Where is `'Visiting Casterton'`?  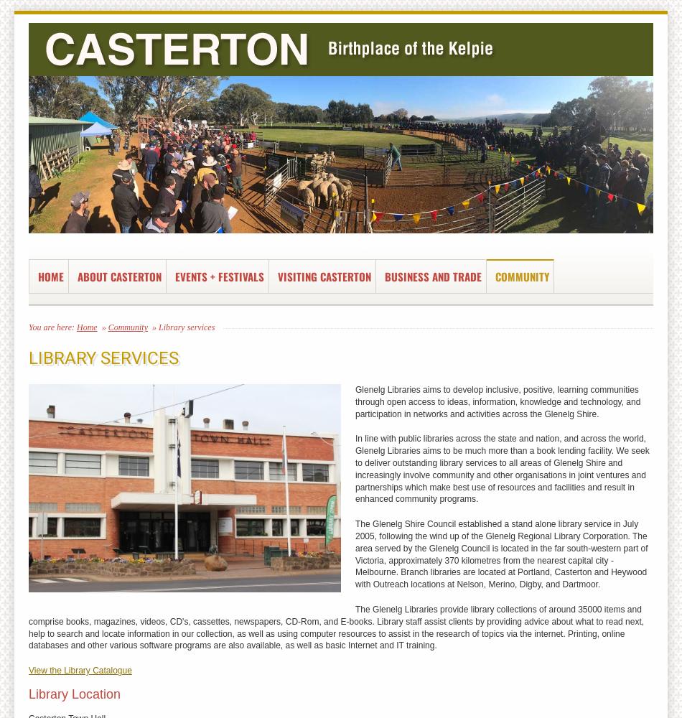 'Visiting Casterton' is located at coordinates (324, 276).